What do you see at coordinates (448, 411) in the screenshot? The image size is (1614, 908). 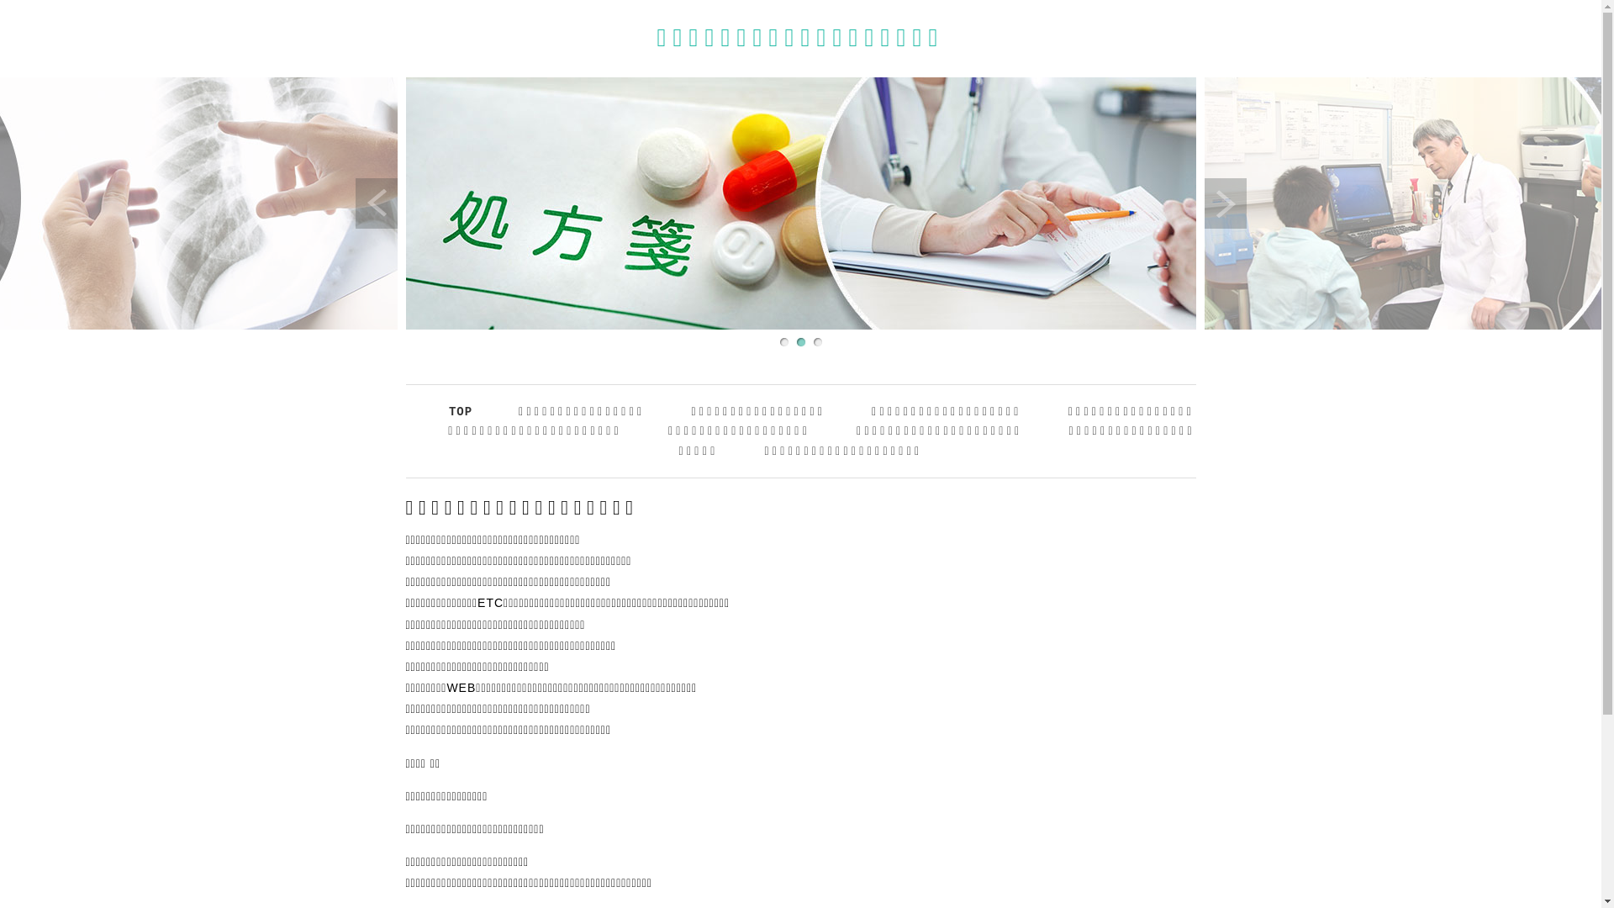 I see `'TOP'` at bounding box center [448, 411].